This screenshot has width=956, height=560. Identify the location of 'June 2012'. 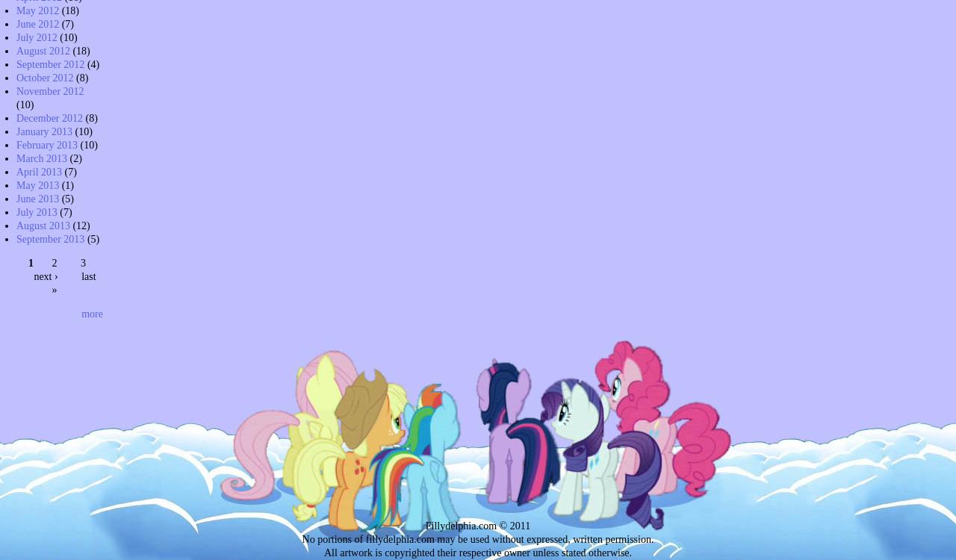
(16, 23).